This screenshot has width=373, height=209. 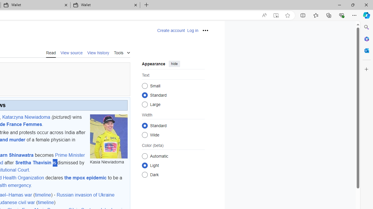 I want to click on 'Russian invasion of Ukraine', so click(x=85, y=195).